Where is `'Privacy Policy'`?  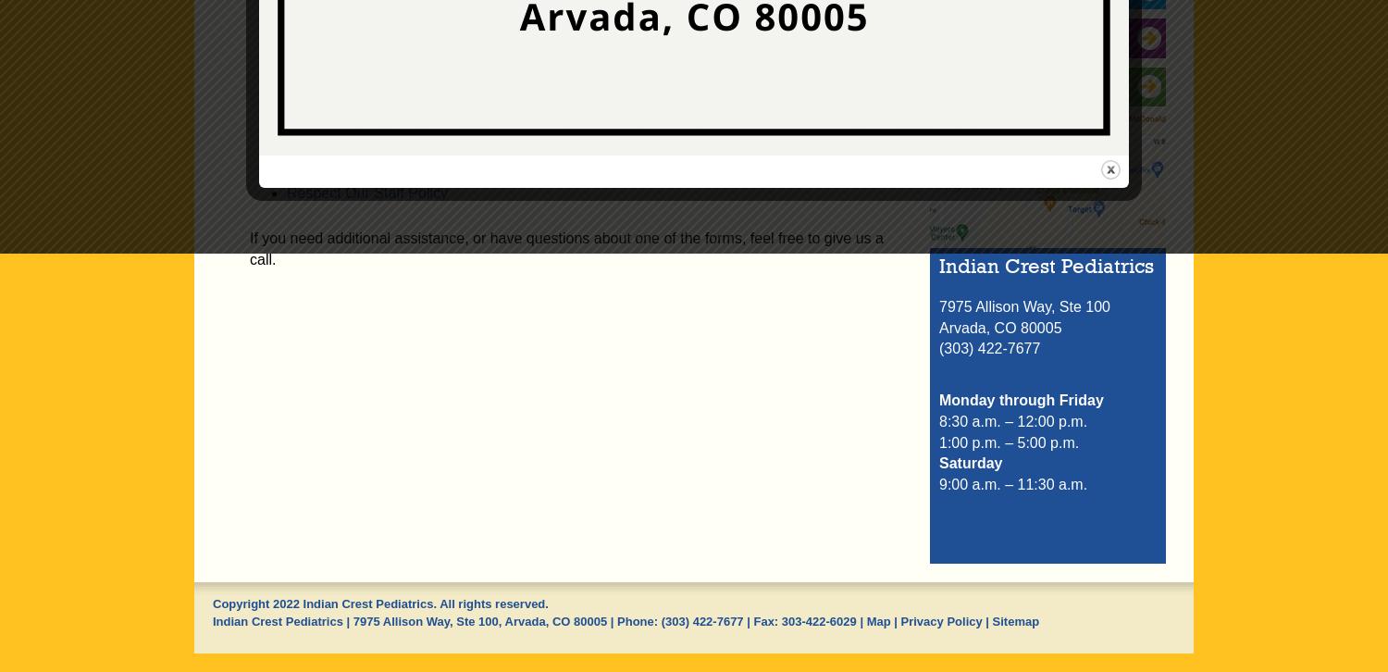 'Privacy Policy' is located at coordinates (941, 619).